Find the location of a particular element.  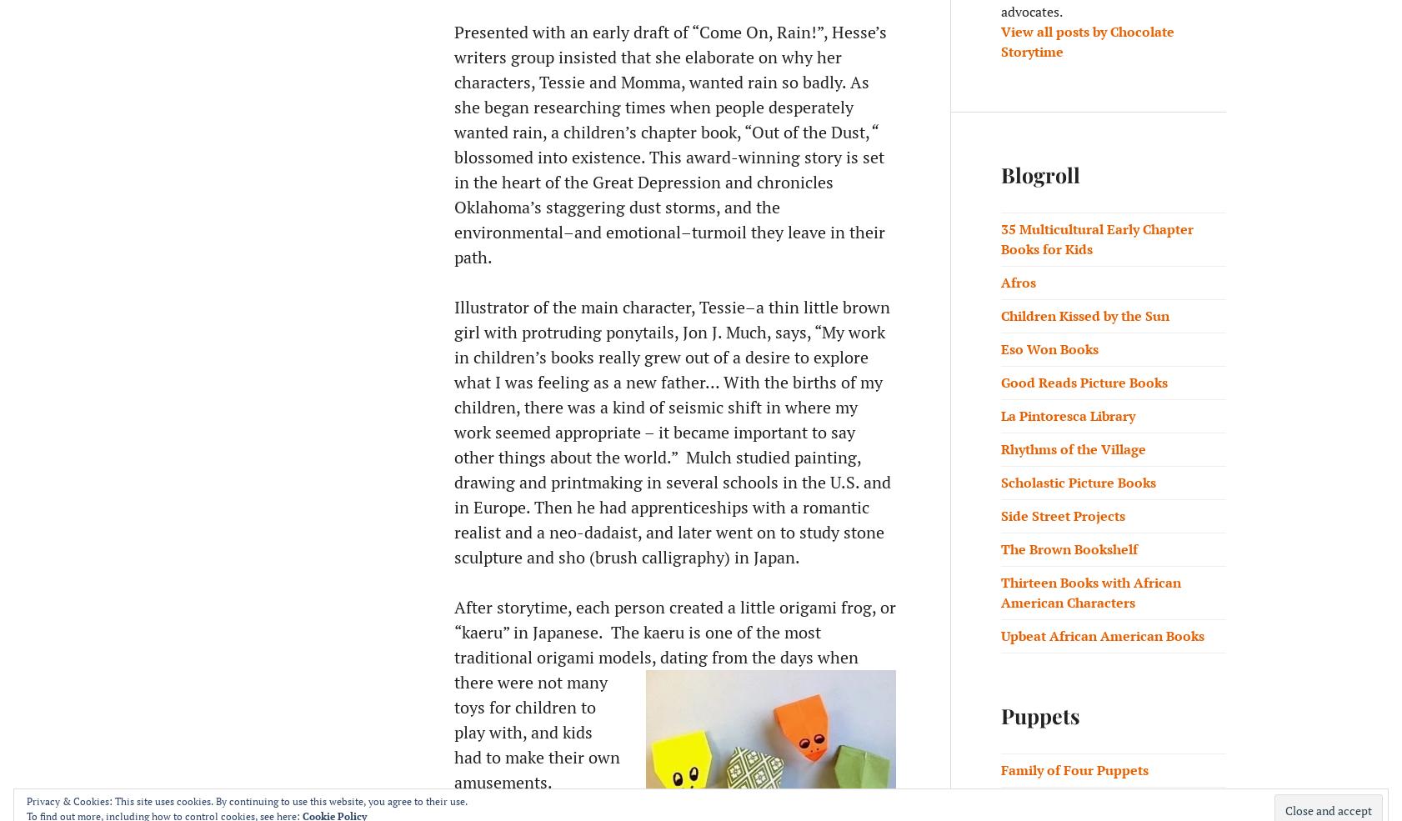

'Blogroll' is located at coordinates (1039, 173).